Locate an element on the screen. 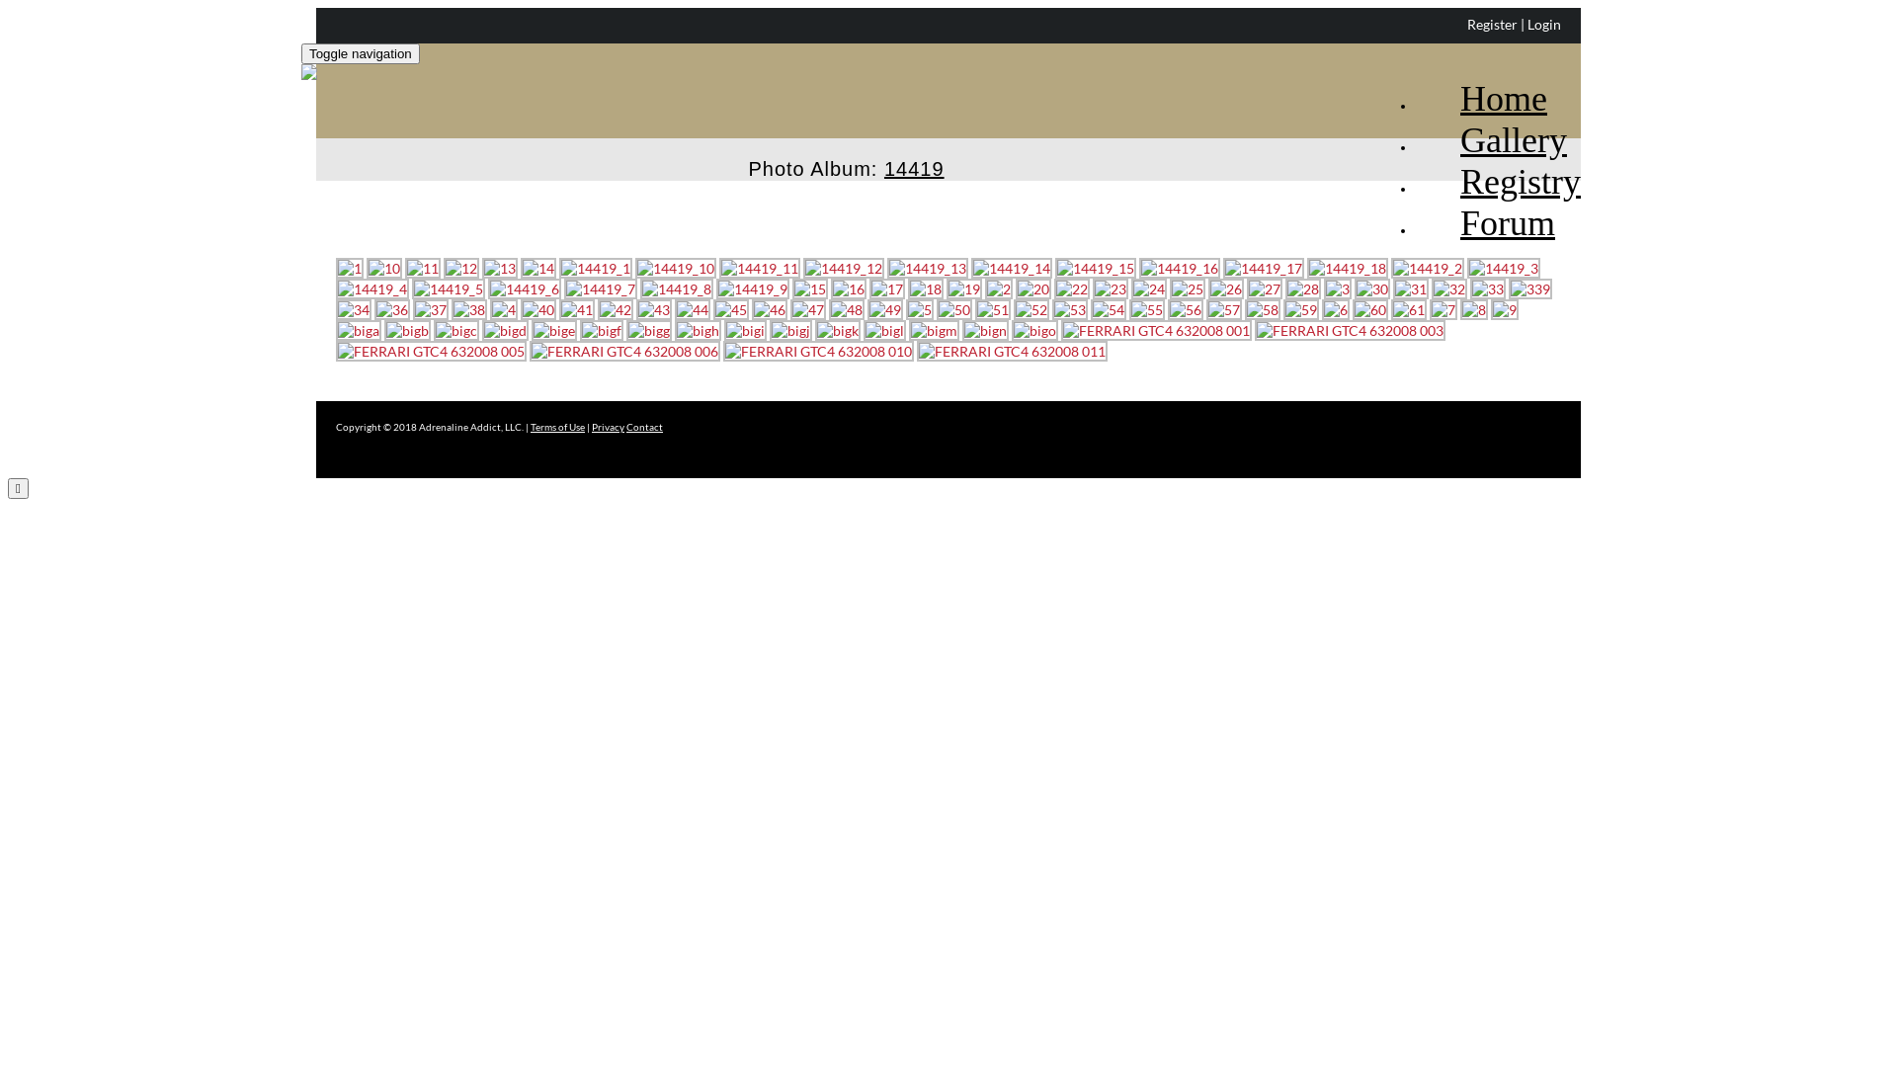 This screenshot has height=1067, width=1897. '14419_12 (click to enlarge)' is located at coordinates (844, 268).